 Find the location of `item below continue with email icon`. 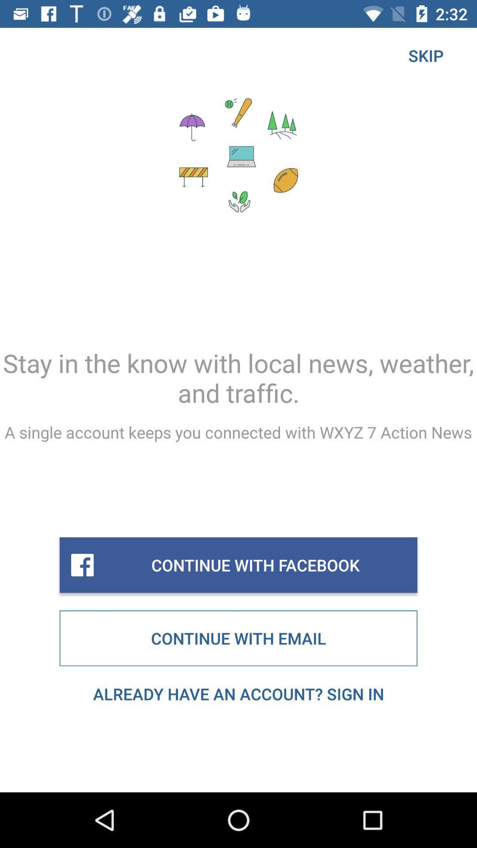

item below continue with email icon is located at coordinates (238, 693).